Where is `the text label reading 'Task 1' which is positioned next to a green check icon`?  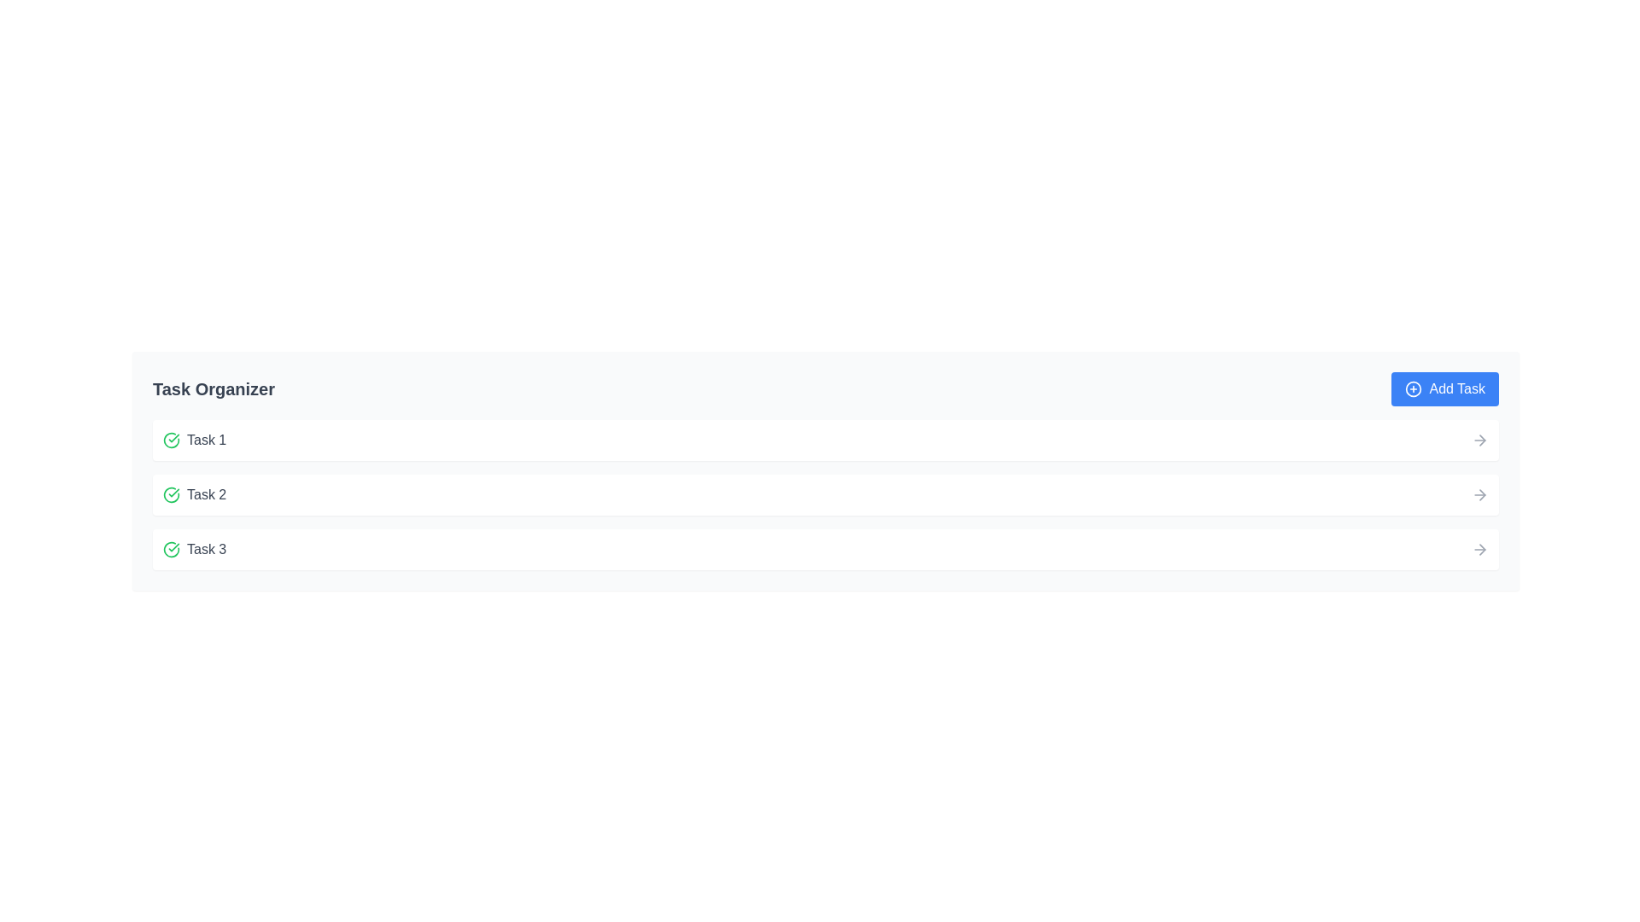
the text label reading 'Task 1' which is positioned next to a green check icon is located at coordinates (206, 440).